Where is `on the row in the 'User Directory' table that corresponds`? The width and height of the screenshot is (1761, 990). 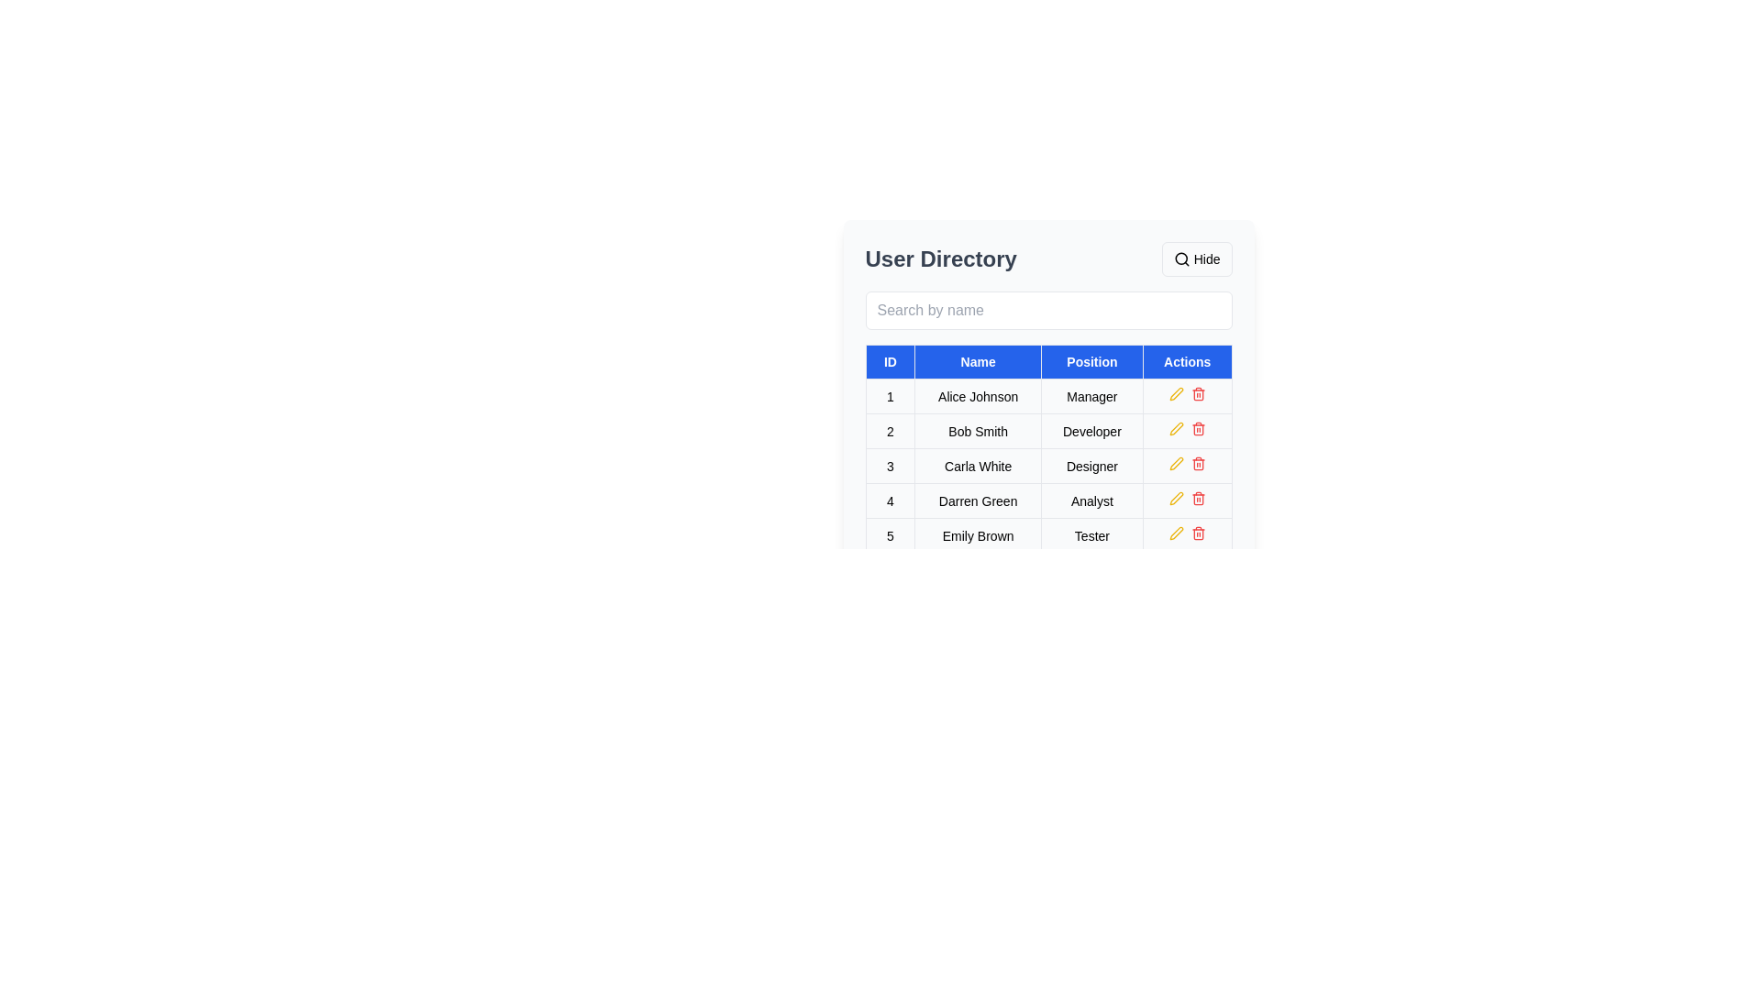 on the row in the 'User Directory' table that corresponds is located at coordinates (1048, 465).